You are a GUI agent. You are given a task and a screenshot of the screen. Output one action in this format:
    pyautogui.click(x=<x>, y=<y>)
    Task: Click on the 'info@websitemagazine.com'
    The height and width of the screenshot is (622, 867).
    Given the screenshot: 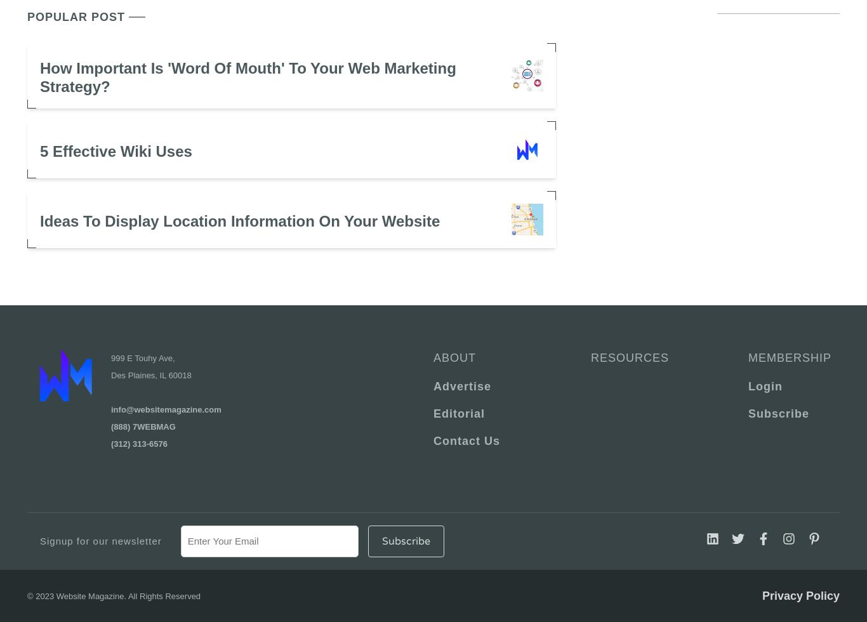 What is the action you would take?
    pyautogui.click(x=166, y=409)
    